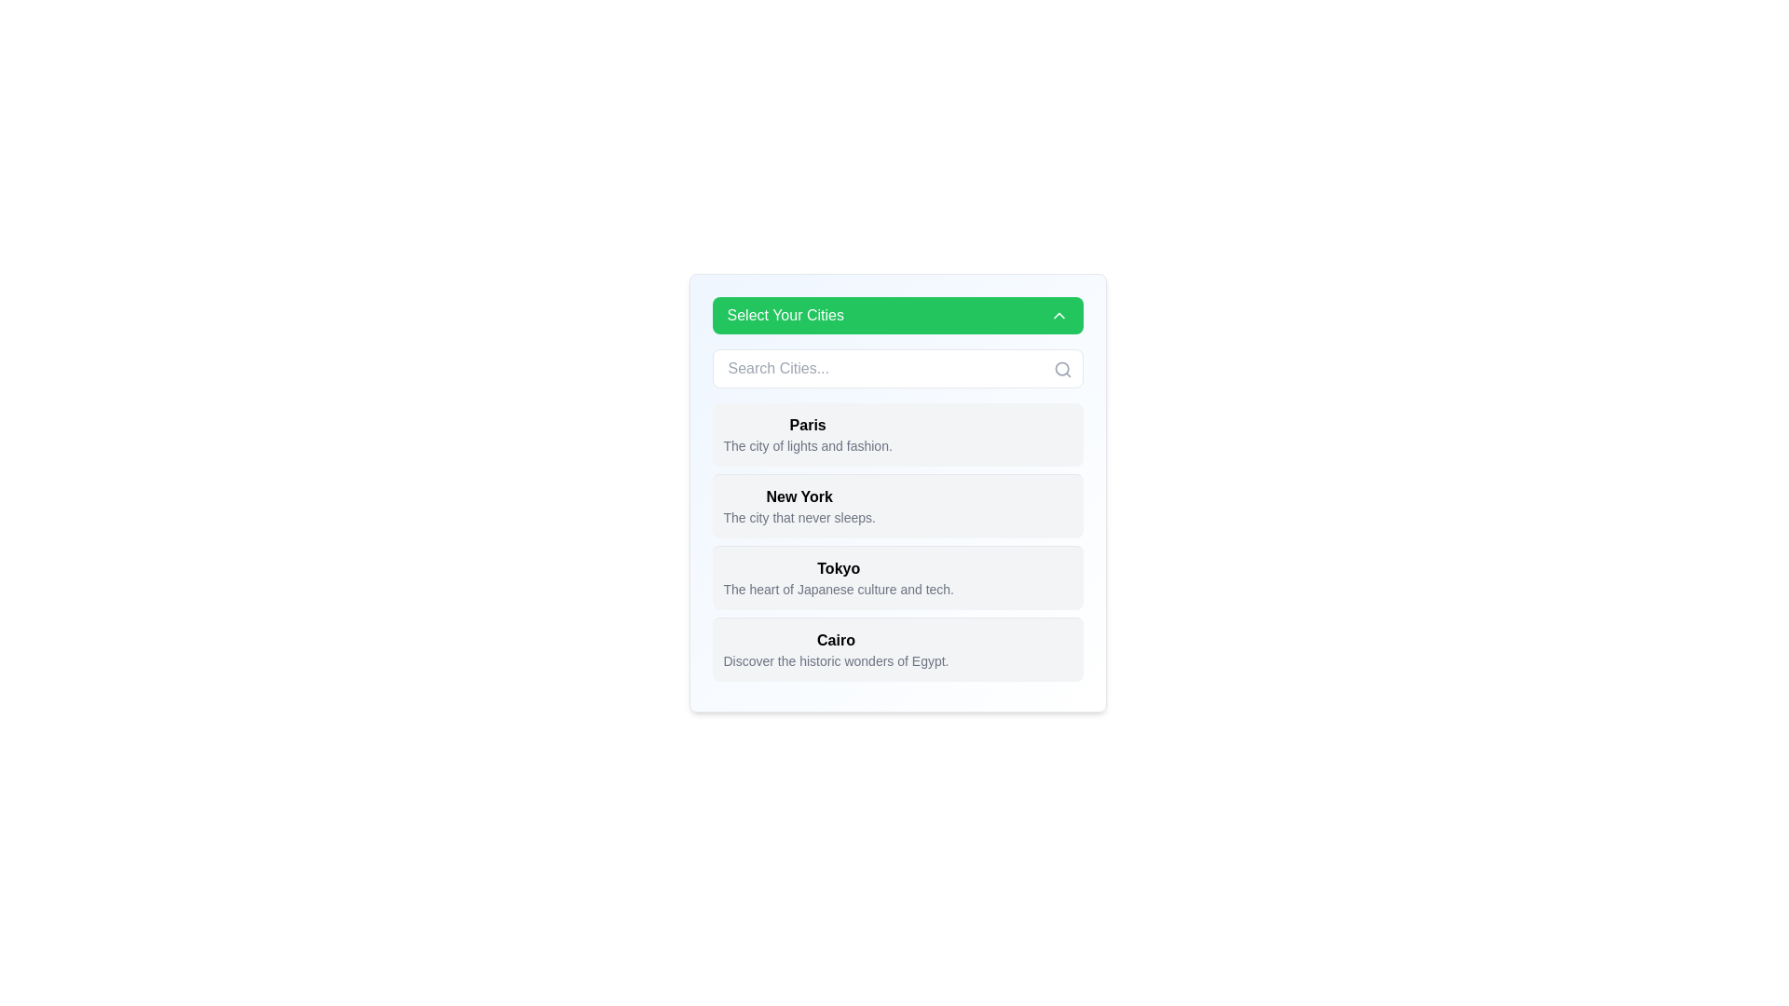 This screenshot has width=1789, height=1006. What do you see at coordinates (838, 578) in the screenshot?
I see `the text block displaying 'Tokyo', which is the third item in a vertical list of cities` at bounding box center [838, 578].